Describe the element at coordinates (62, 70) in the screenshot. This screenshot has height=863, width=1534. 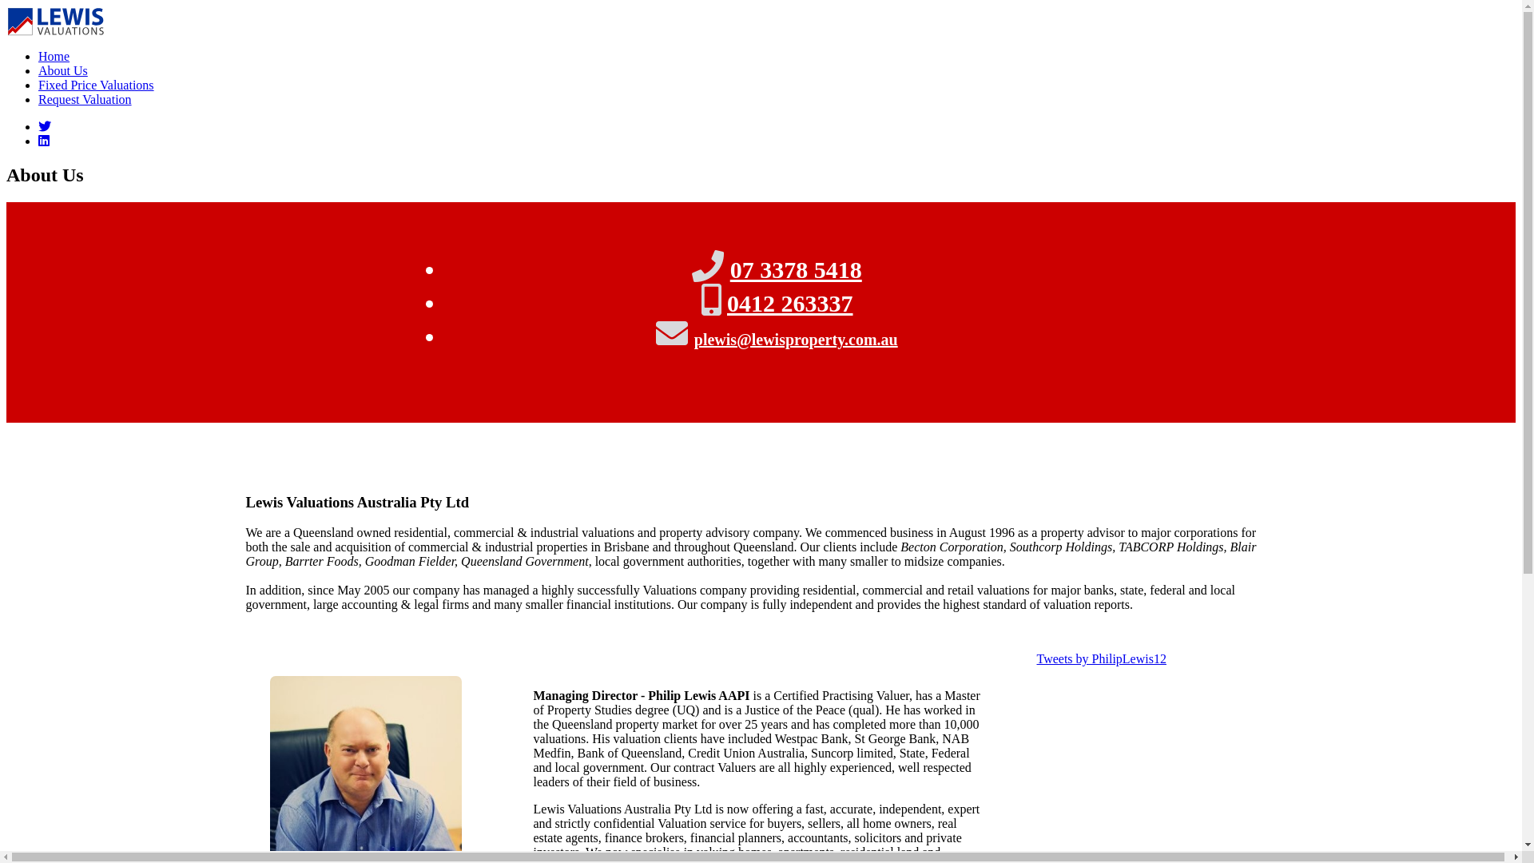
I see `'About Us'` at that location.